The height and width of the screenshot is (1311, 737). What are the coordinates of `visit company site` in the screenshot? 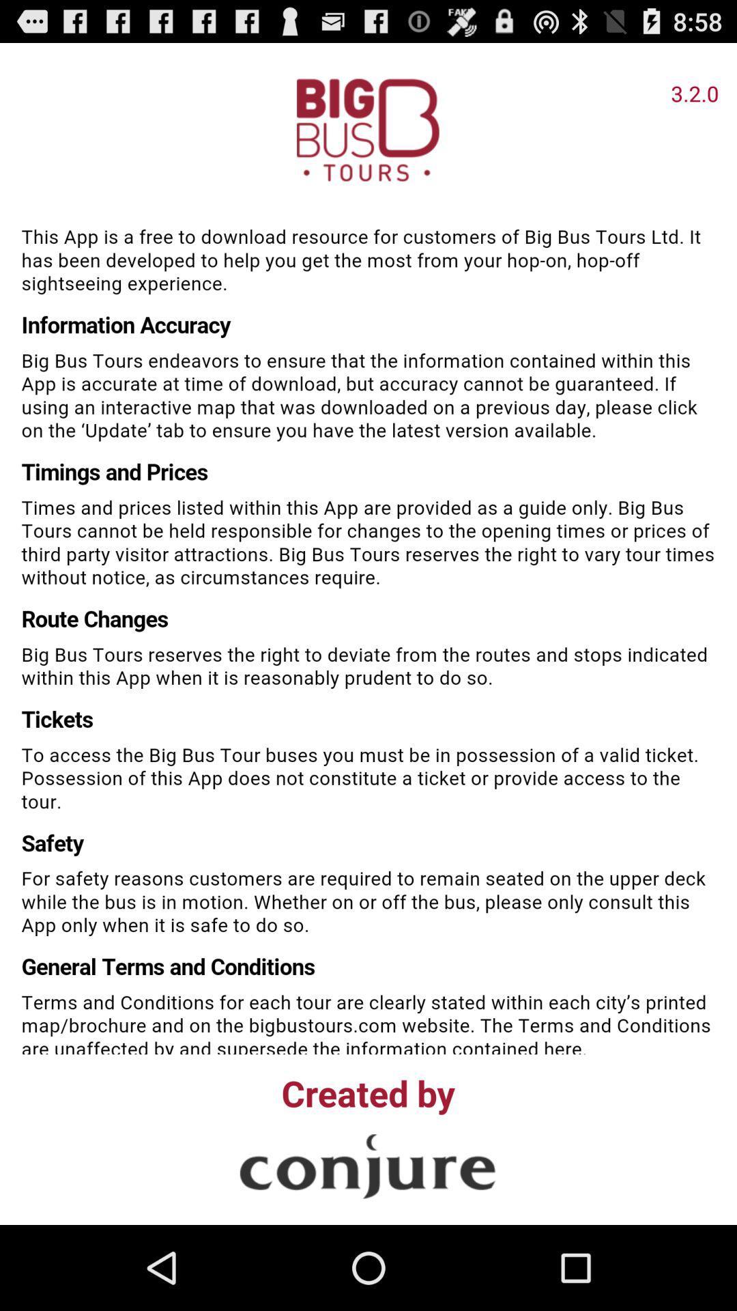 It's located at (367, 1166).